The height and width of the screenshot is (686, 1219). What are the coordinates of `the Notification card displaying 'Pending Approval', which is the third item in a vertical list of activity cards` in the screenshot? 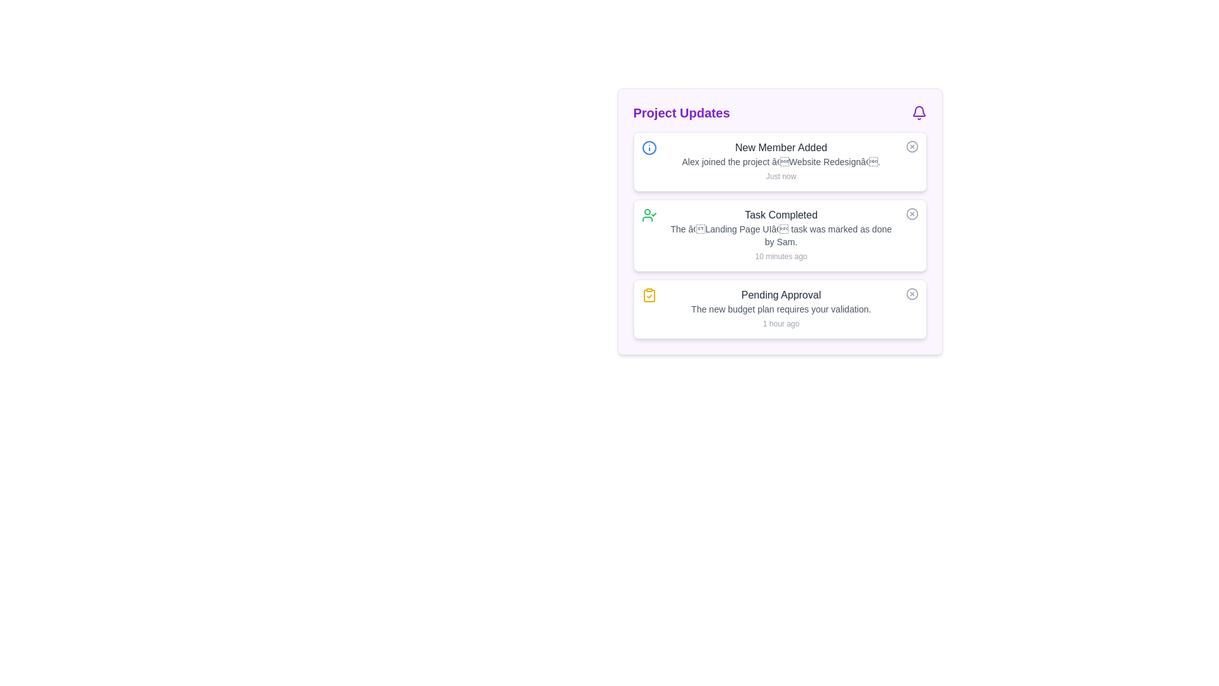 It's located at (780, 309).